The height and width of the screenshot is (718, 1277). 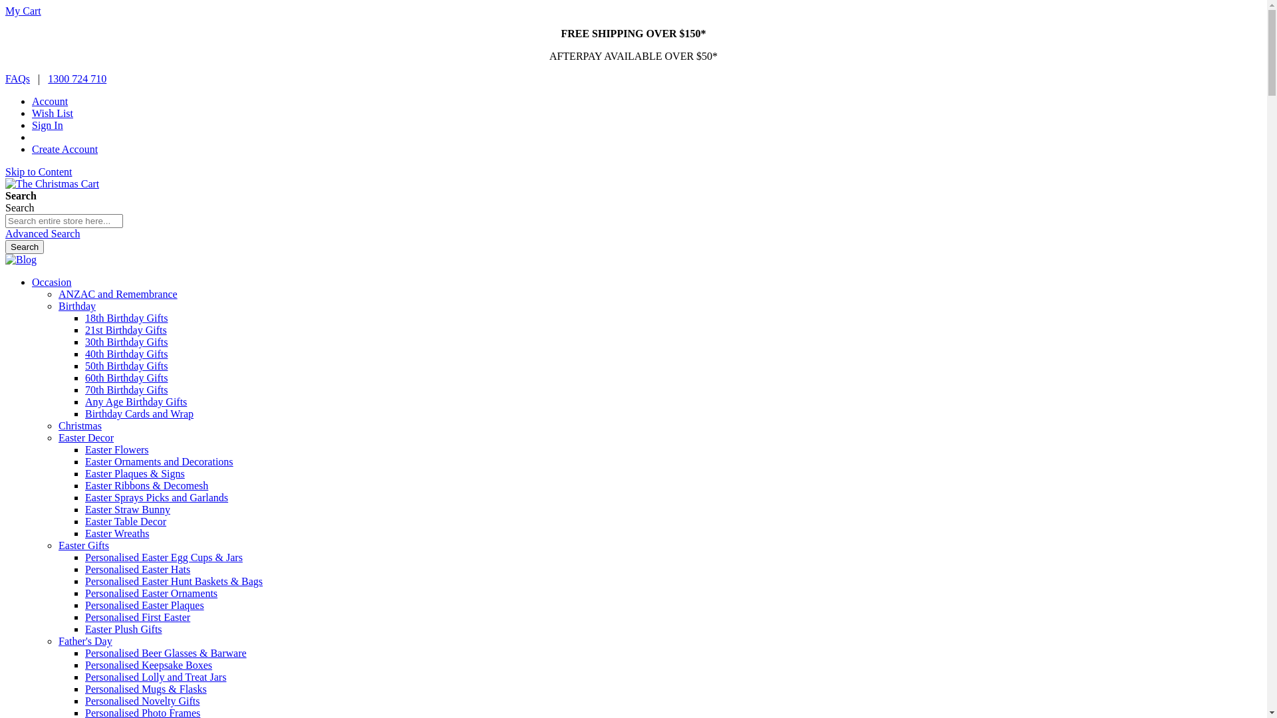 What do you see at coordinates (156, 677) in the screenshot?
I see `'Personalised Lolly and Treat Jars'` at bounding box center [156, 677].